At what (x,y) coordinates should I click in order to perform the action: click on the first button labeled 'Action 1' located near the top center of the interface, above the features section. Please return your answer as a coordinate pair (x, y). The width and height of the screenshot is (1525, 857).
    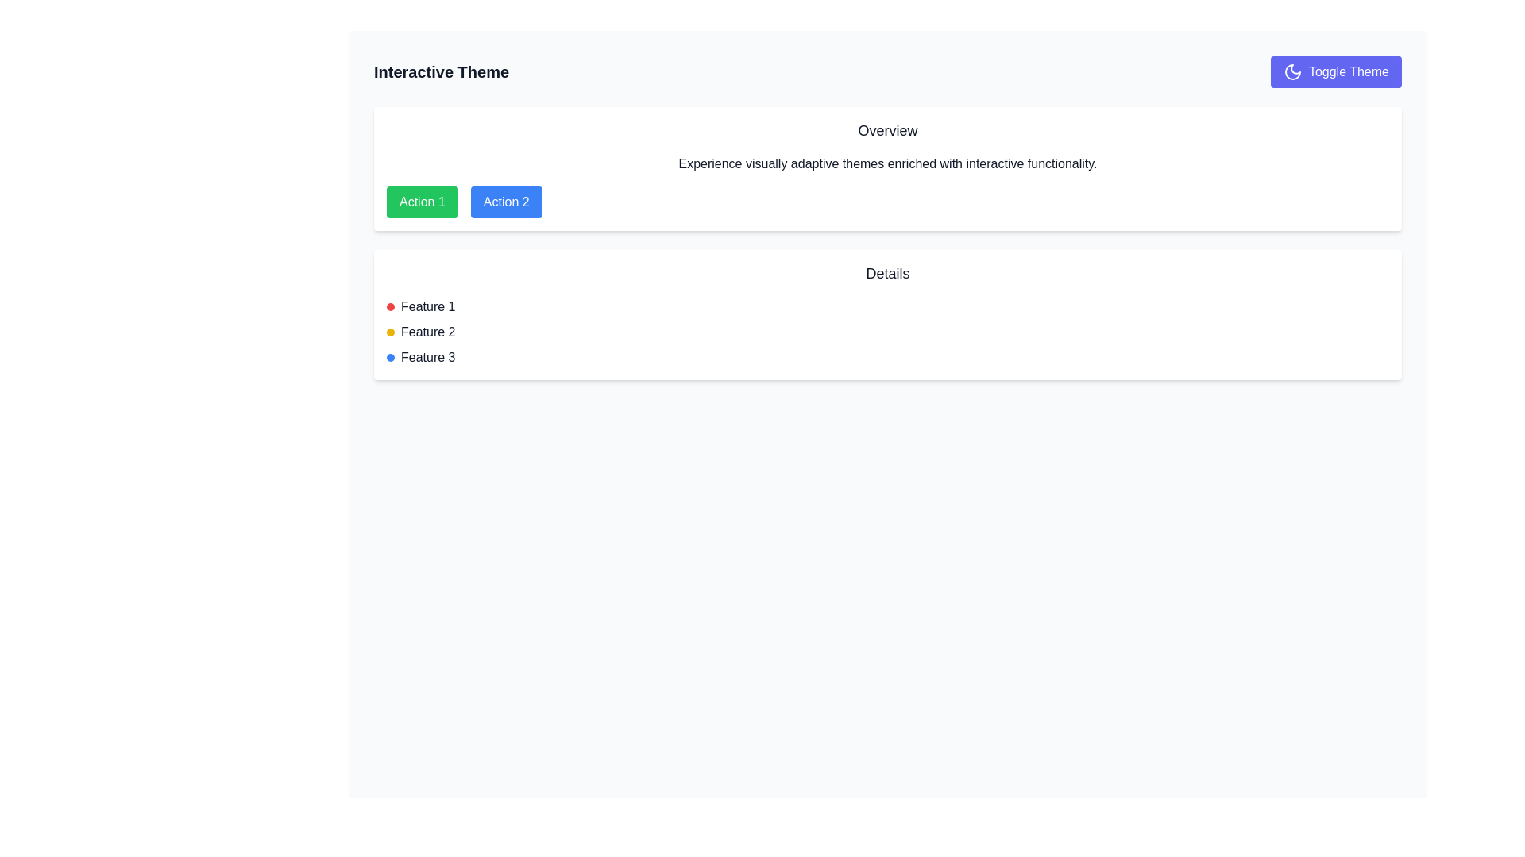
    Looking at the image, I should click on (422, 201).